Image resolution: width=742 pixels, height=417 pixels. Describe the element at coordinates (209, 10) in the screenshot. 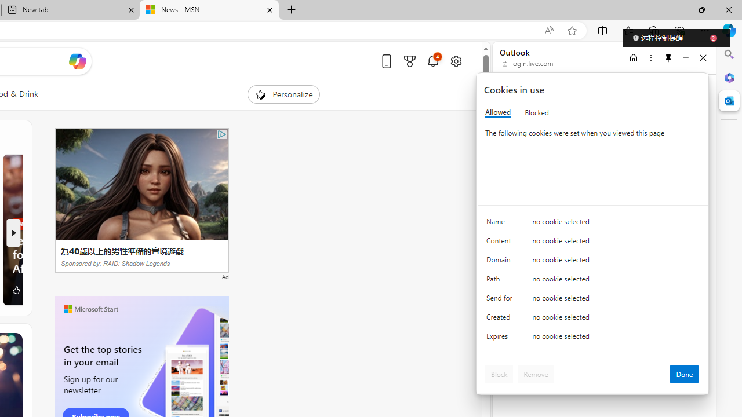

I see `'News - MSN'` at that location.